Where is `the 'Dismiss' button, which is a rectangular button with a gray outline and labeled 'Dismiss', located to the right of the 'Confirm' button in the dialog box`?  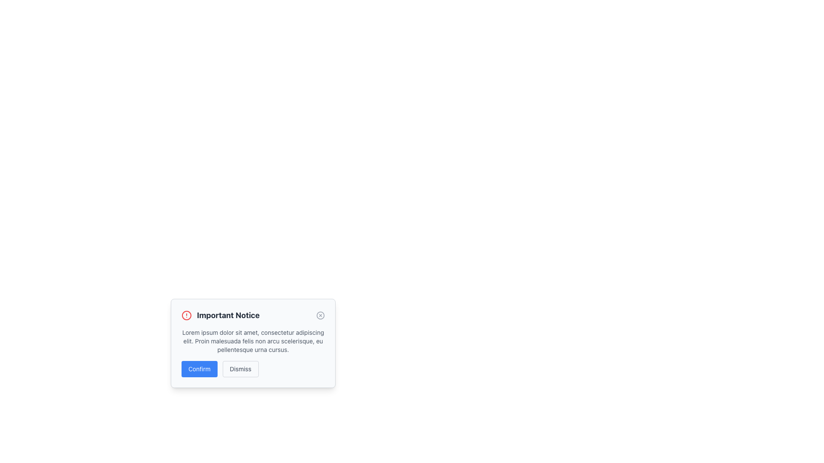
the 'Dismiss' button, which is a rectangular button with a gray outline and labeled 'Dismiss', located to the right of the 'Confirm' button in the dialog box is located at coordinates (240, 368).